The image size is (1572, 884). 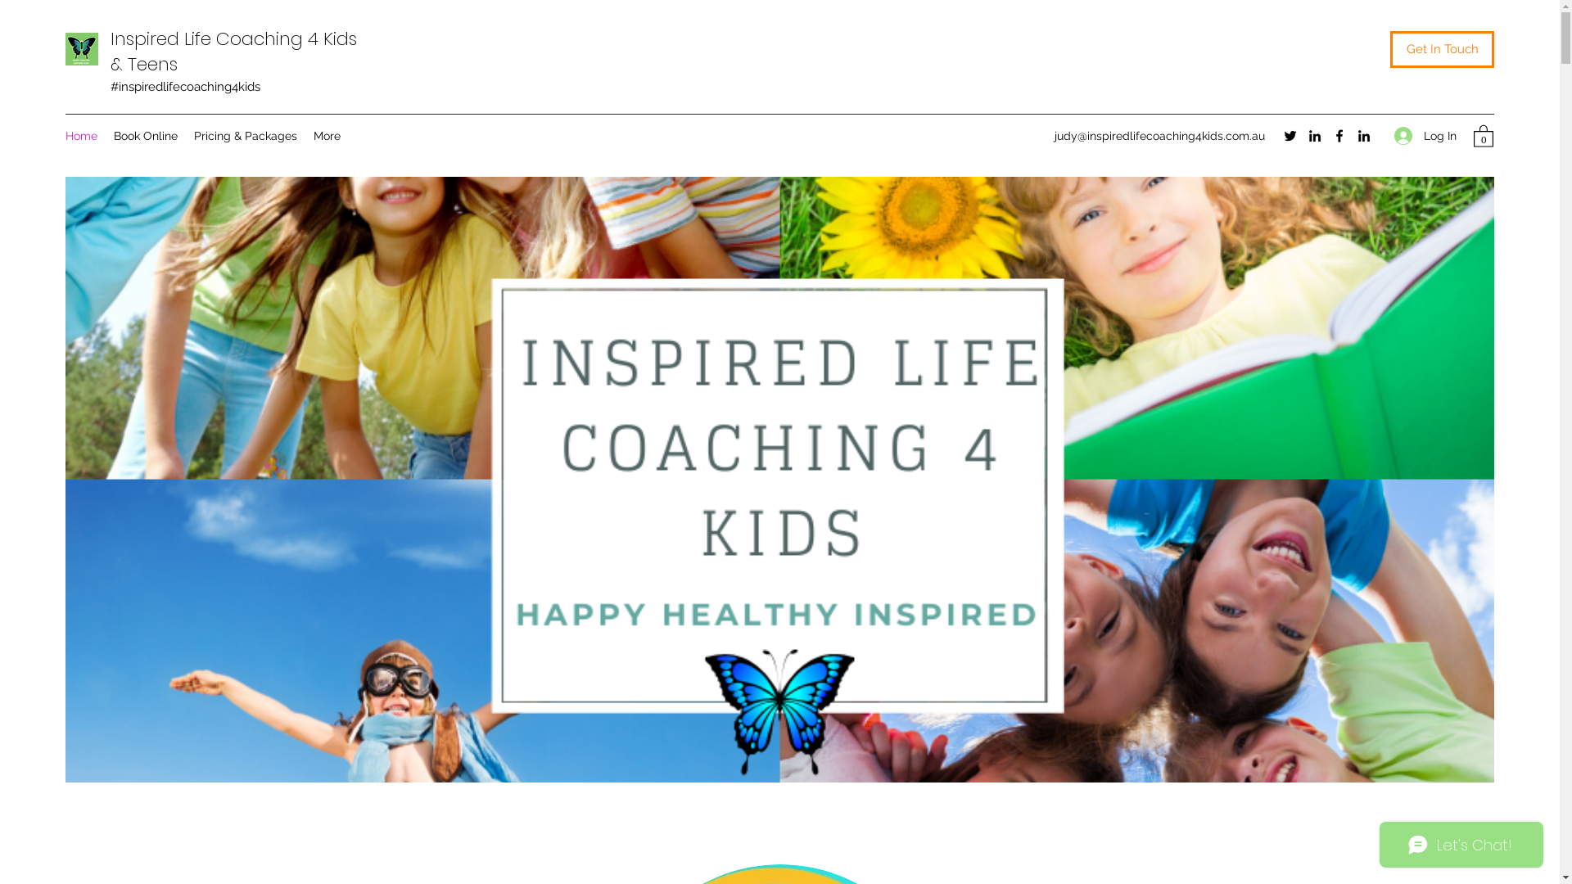 I want to click on 'Inspired Life Coaching 4 Kids & Teens', so click(x=233, y=50).